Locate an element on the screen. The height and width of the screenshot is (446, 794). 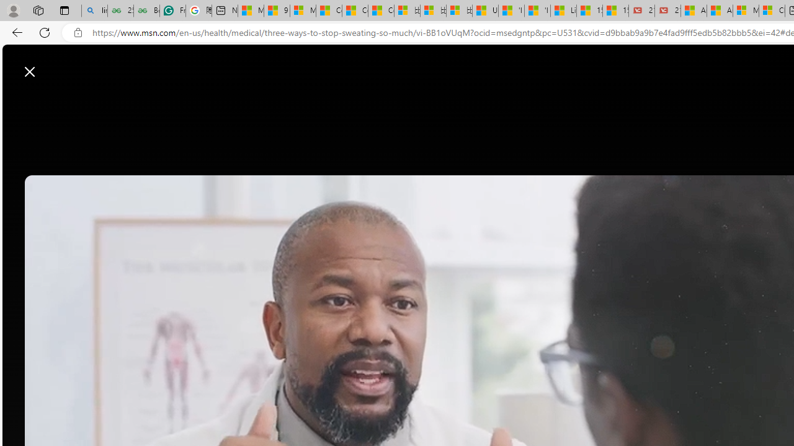
'21 Movies That Outdid the Books They Were Based On' is located at coordinates (667, 11).